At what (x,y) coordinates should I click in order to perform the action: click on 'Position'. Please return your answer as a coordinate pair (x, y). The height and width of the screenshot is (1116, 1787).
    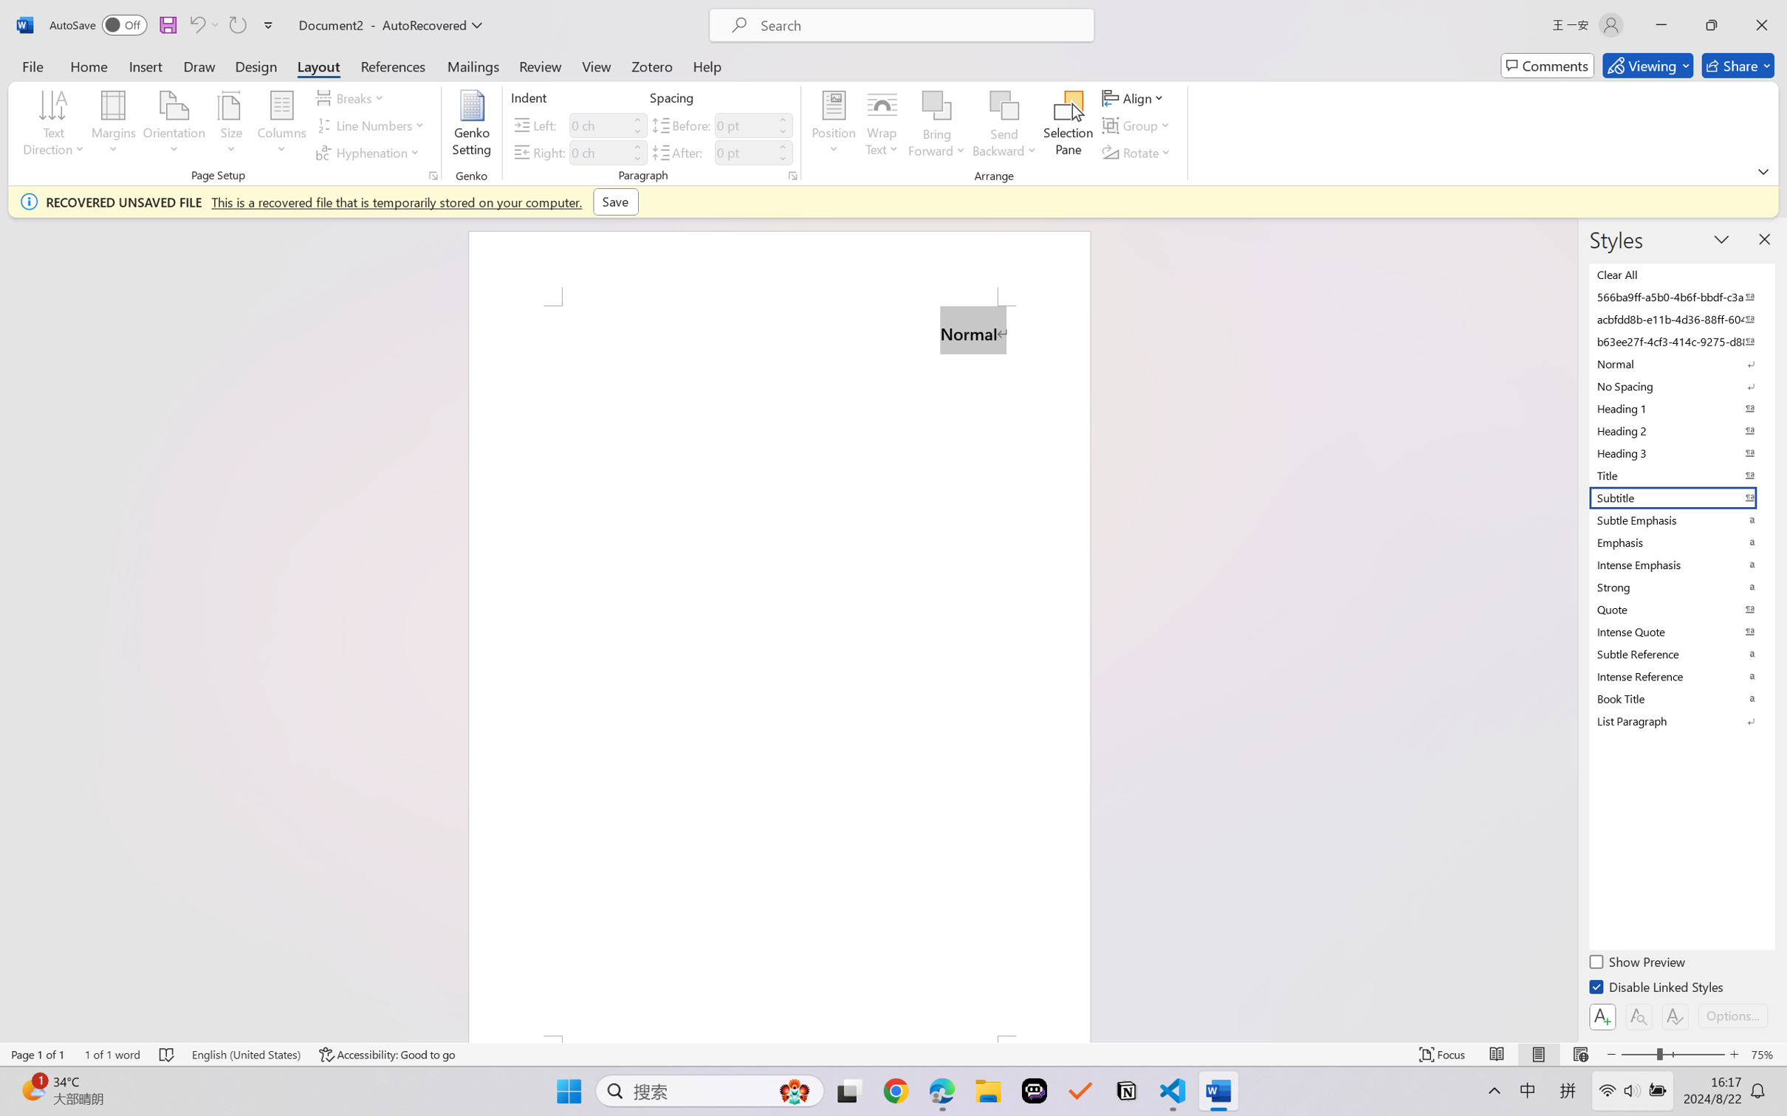
    Looking at the image, I should click on (833, 125).